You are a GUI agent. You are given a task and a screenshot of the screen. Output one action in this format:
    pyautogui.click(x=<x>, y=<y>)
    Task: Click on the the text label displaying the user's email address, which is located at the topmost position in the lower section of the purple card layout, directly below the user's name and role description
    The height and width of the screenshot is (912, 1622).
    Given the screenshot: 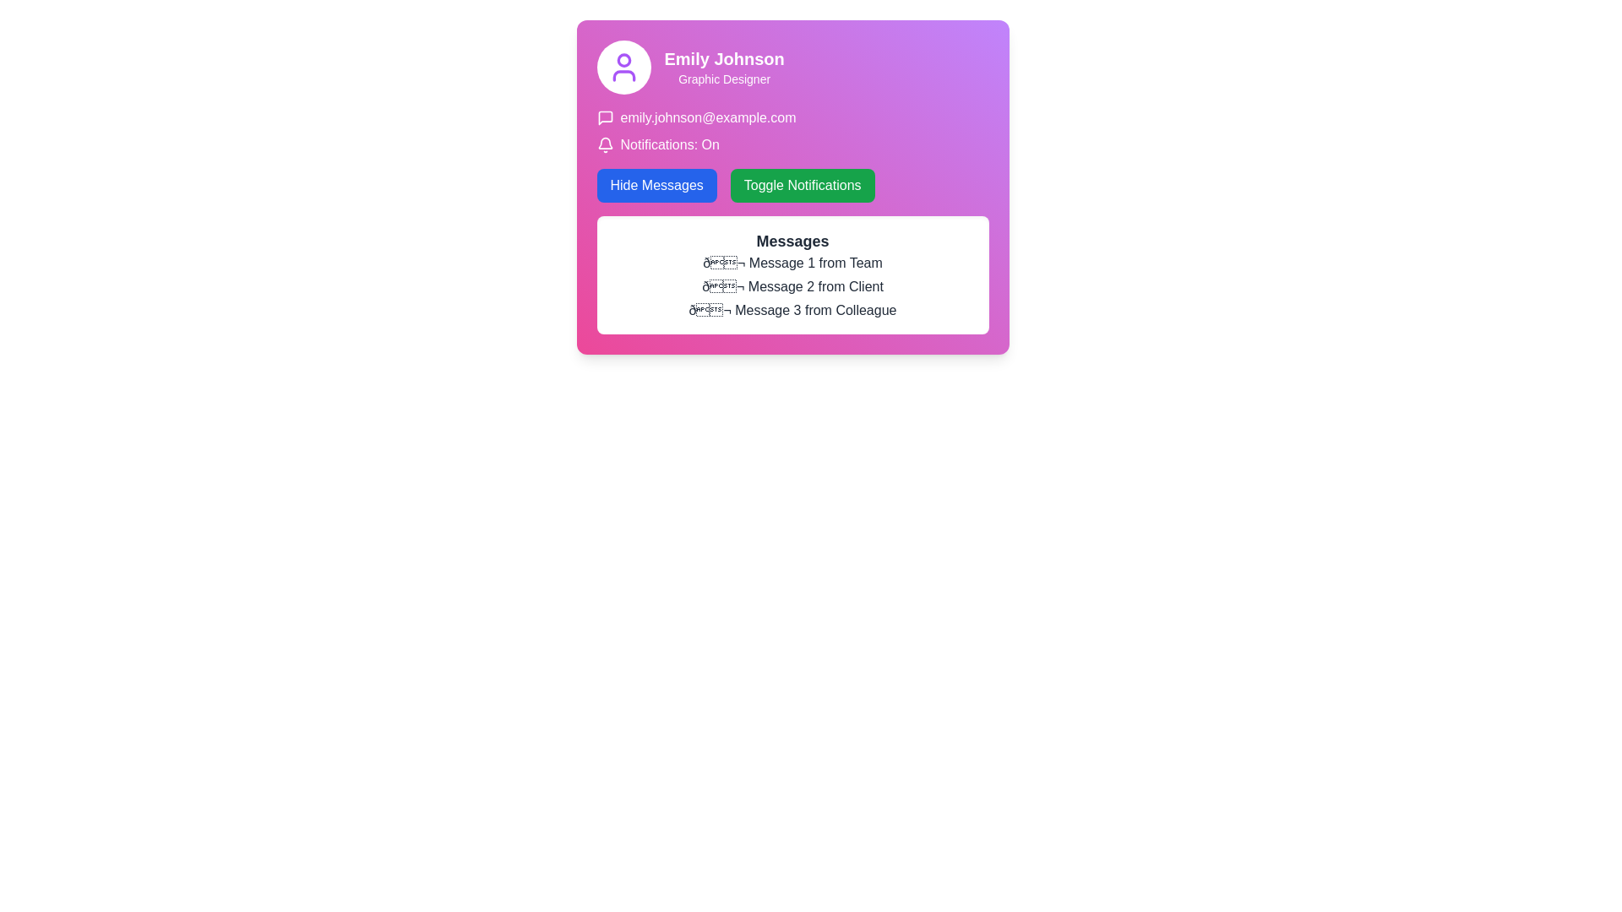 What is the action you would take?
    pyautogui.click(x=792, y=117)
    